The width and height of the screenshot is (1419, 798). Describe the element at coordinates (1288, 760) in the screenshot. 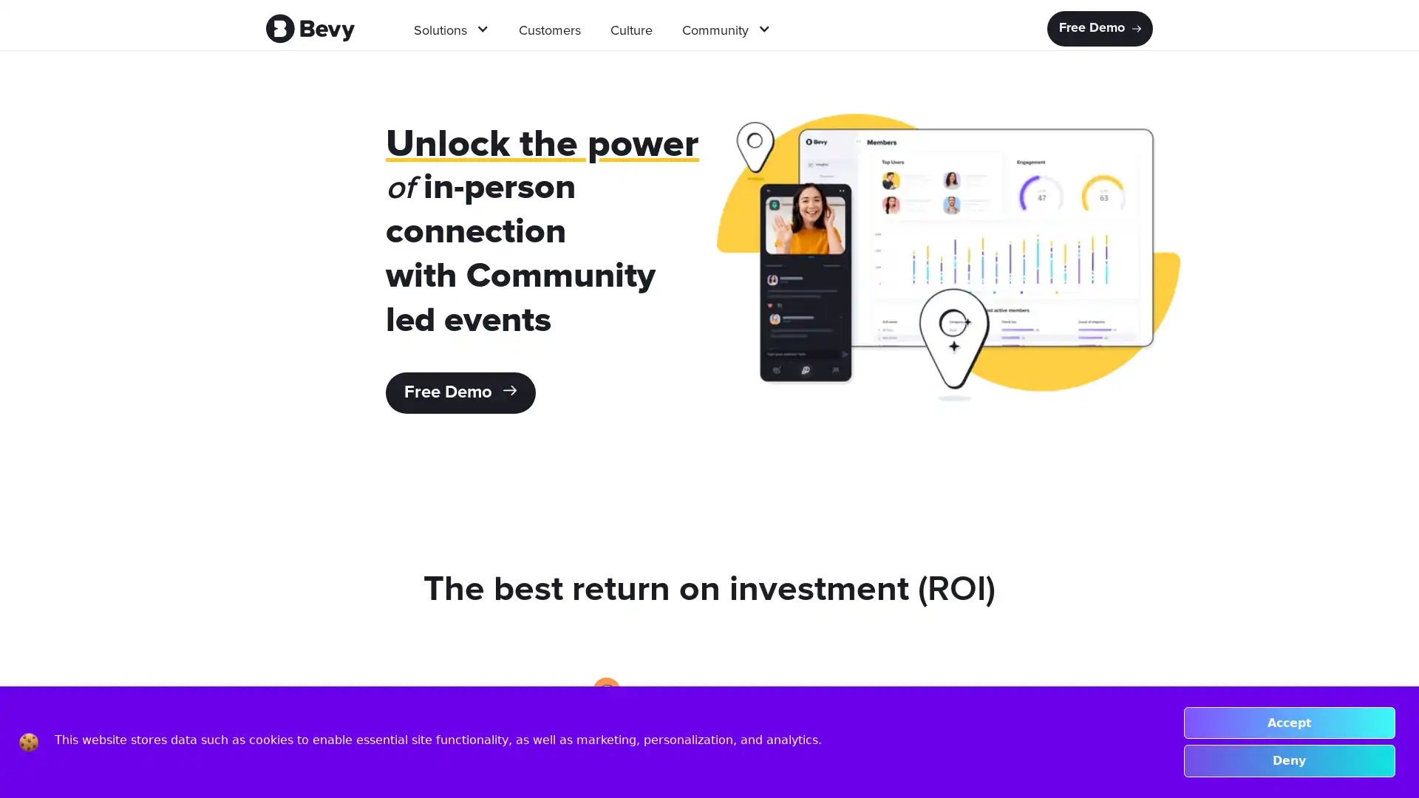

I see `Deny` at that location.